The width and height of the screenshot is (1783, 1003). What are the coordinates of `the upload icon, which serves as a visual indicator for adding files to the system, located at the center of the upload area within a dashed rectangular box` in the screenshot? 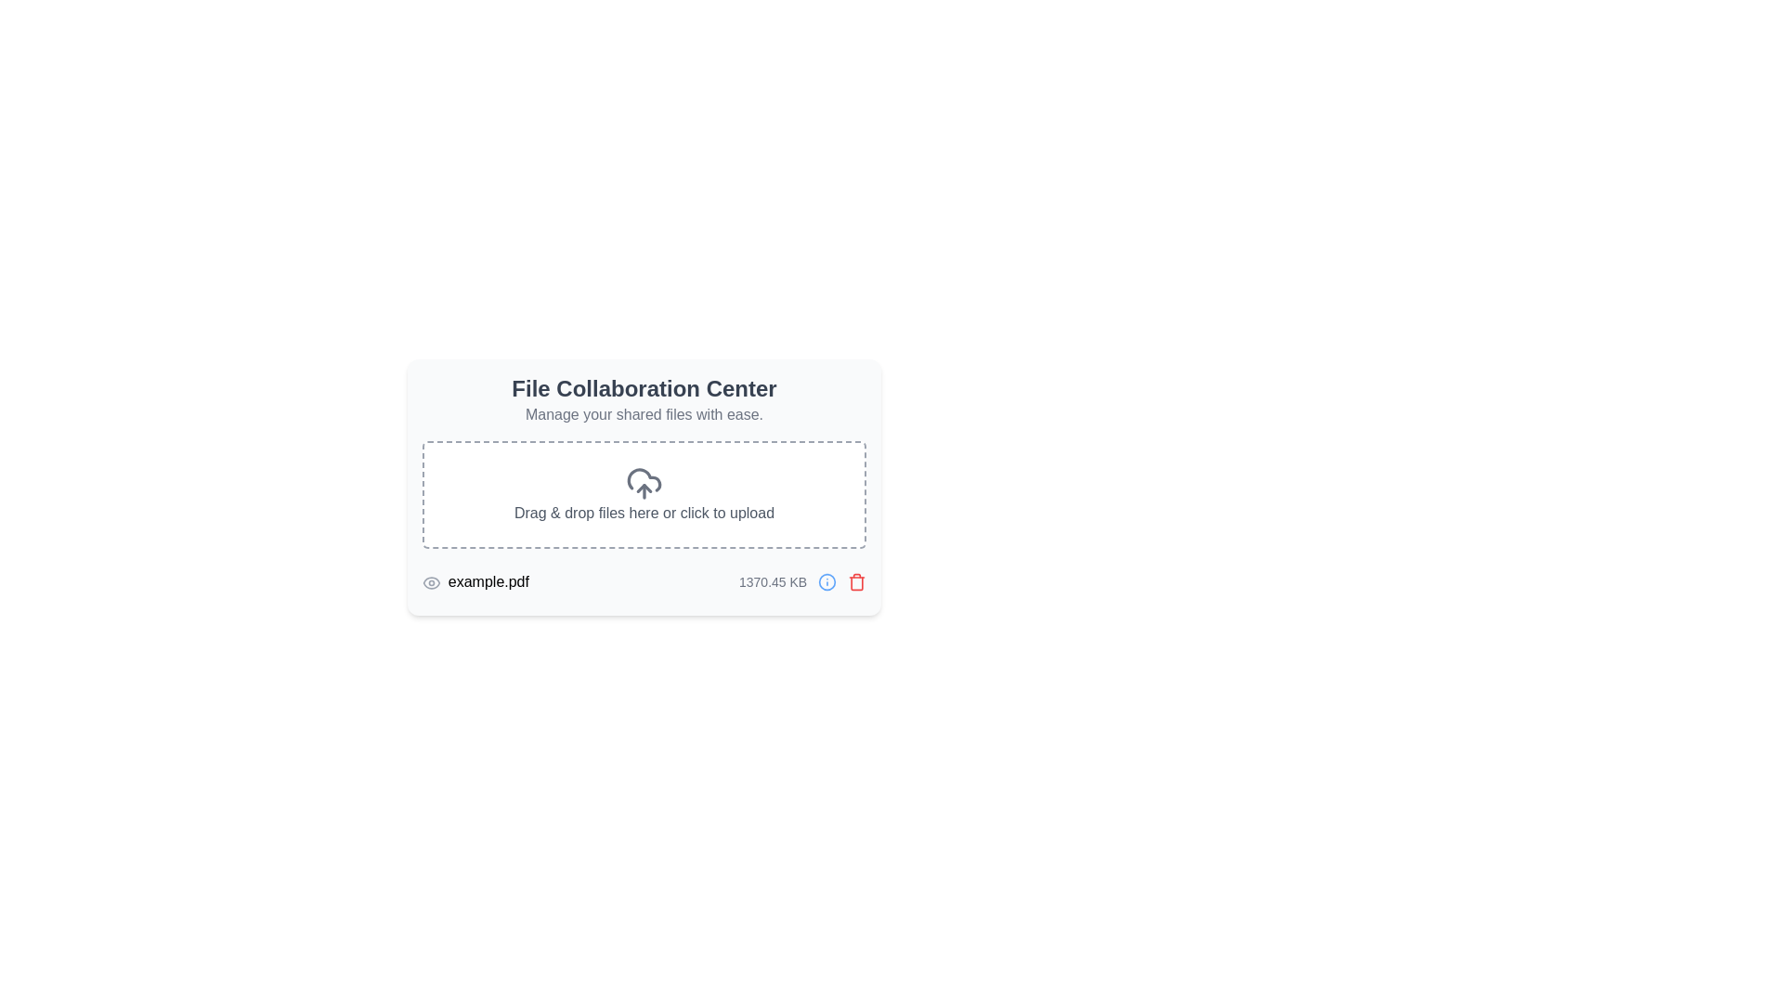 It's located at (644, 482).